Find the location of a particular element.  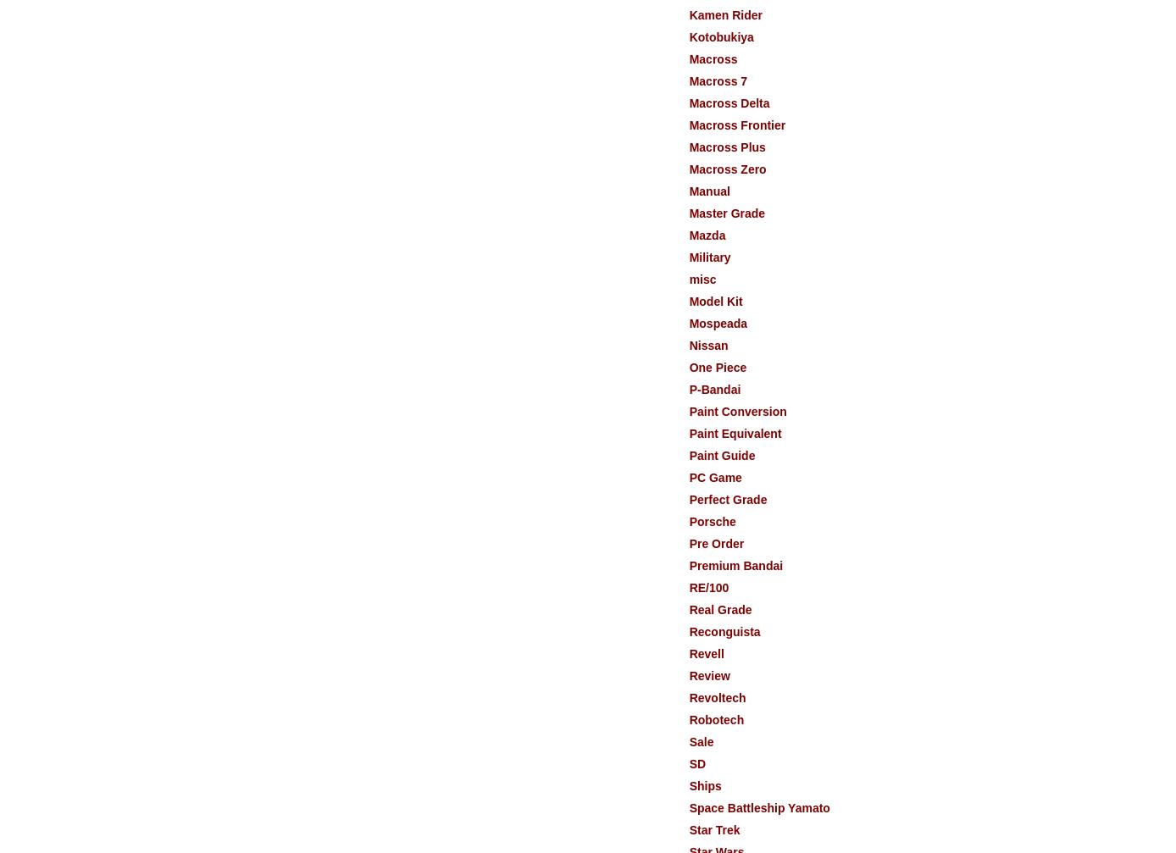

'Review' is located at coordinates (708, 675).